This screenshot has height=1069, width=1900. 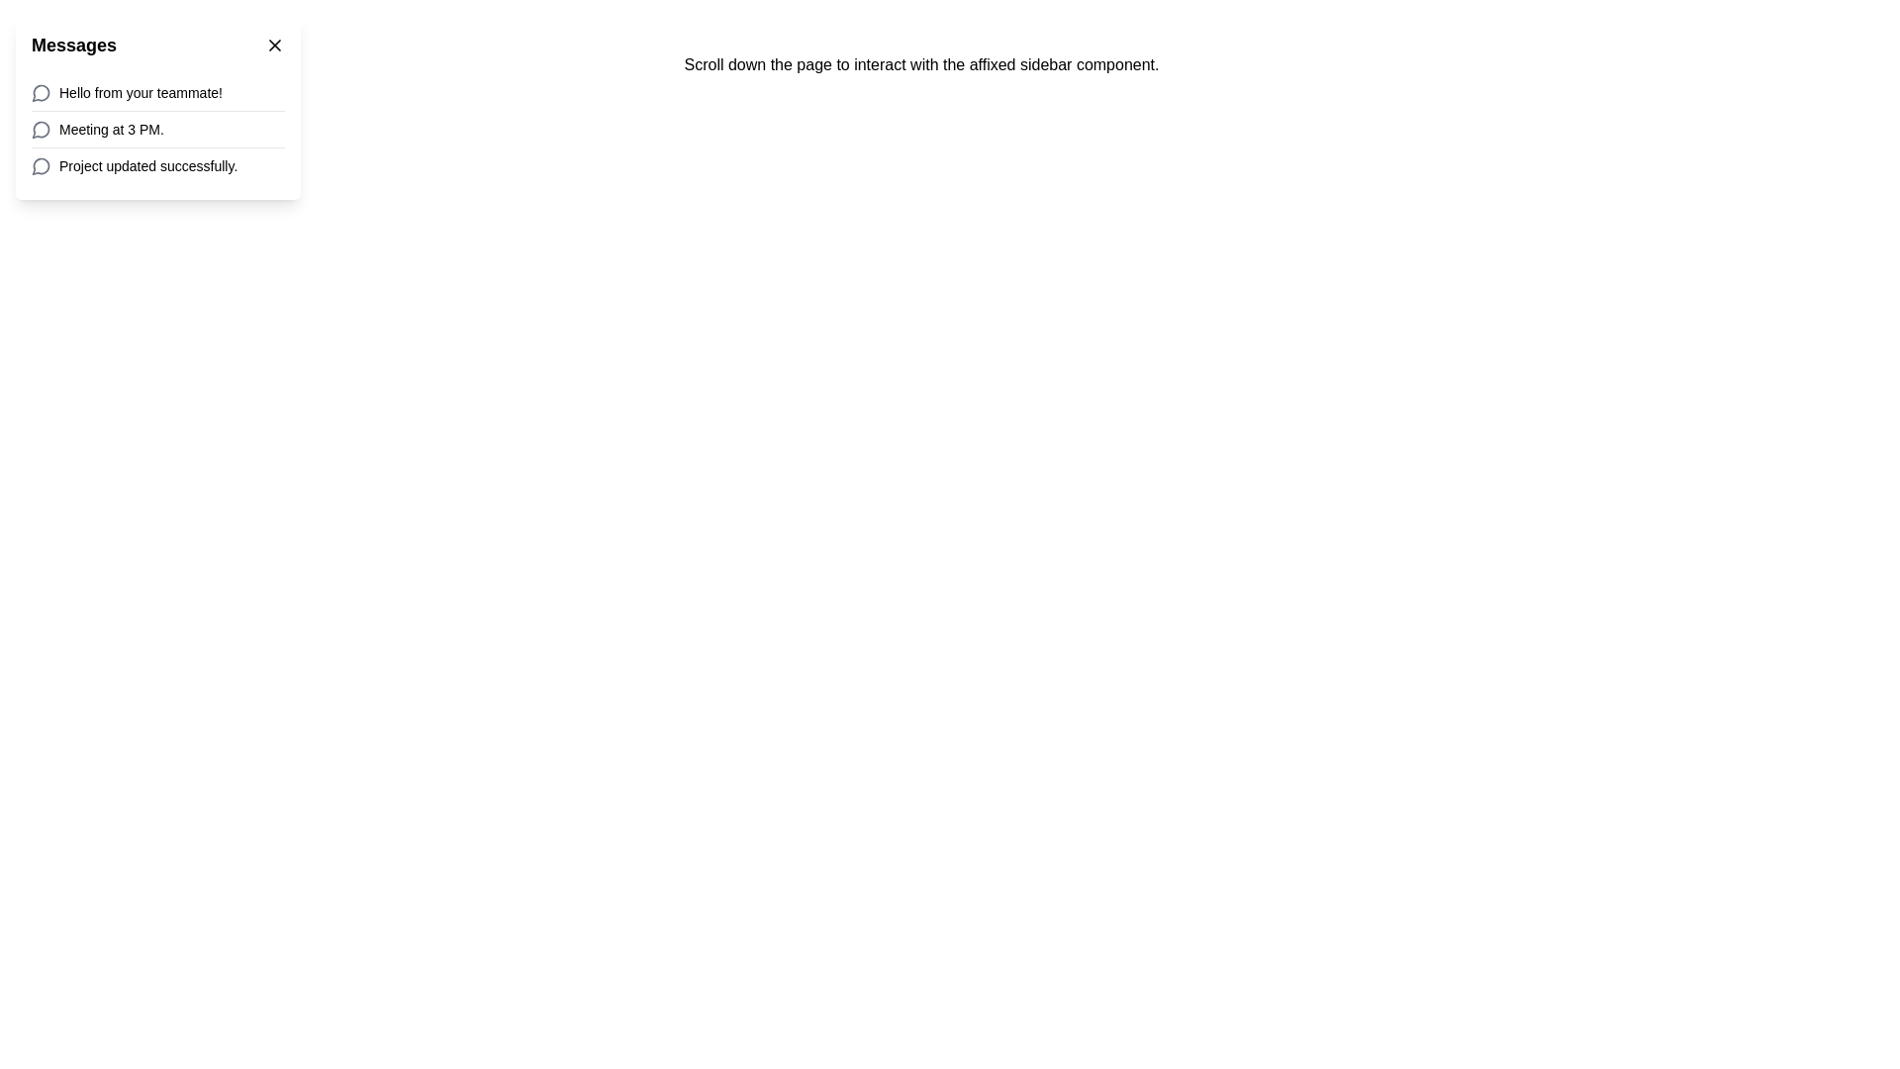 What do you see at coordinates (110, 130) in the screenshot?
I see `text label indicating a scheduled meeting time, which is the second item in the sidebar message list, positioned between 'Hello from your teammate!' and 'Project updated successfully.'` at bounding box center [110, 130].